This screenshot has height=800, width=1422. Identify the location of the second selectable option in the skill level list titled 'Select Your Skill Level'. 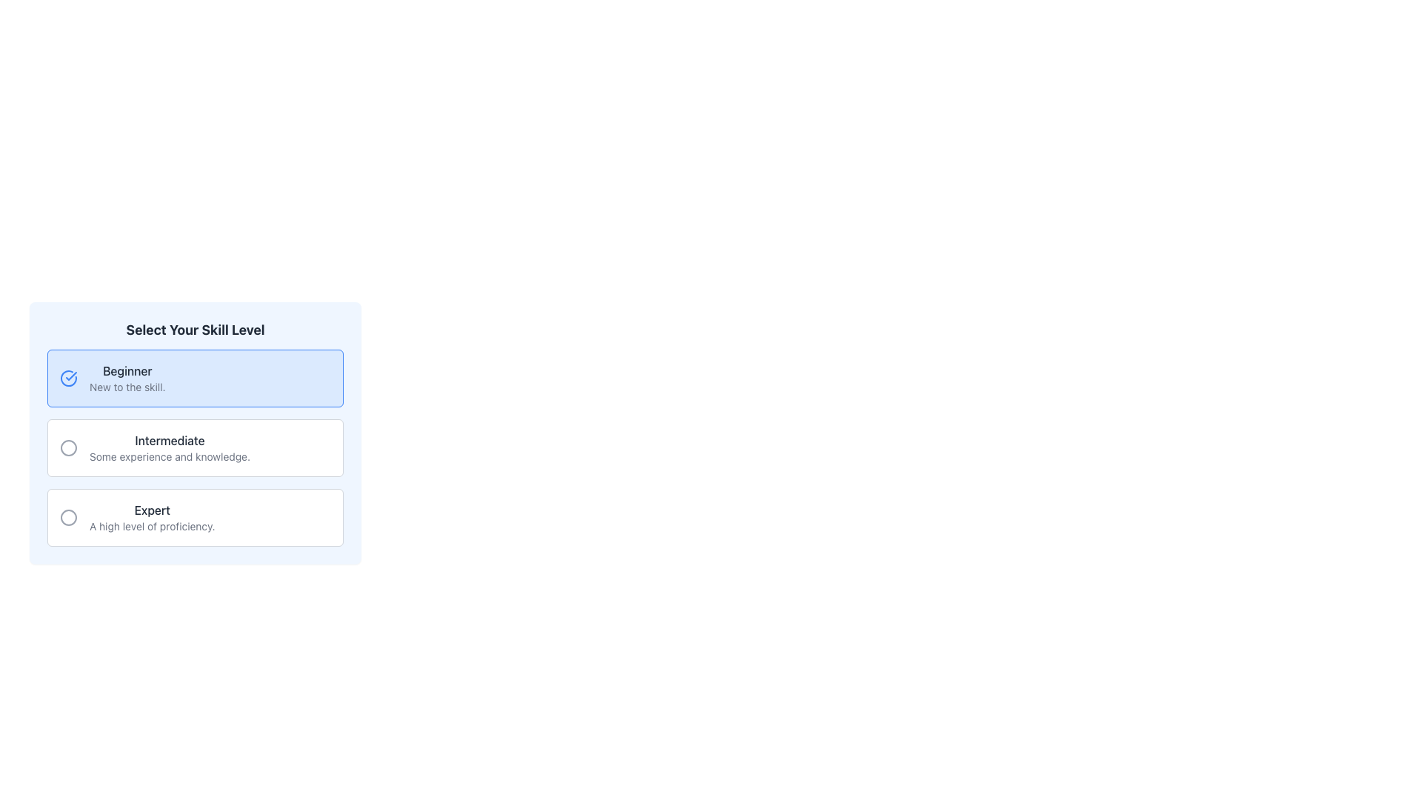
(195, 447).